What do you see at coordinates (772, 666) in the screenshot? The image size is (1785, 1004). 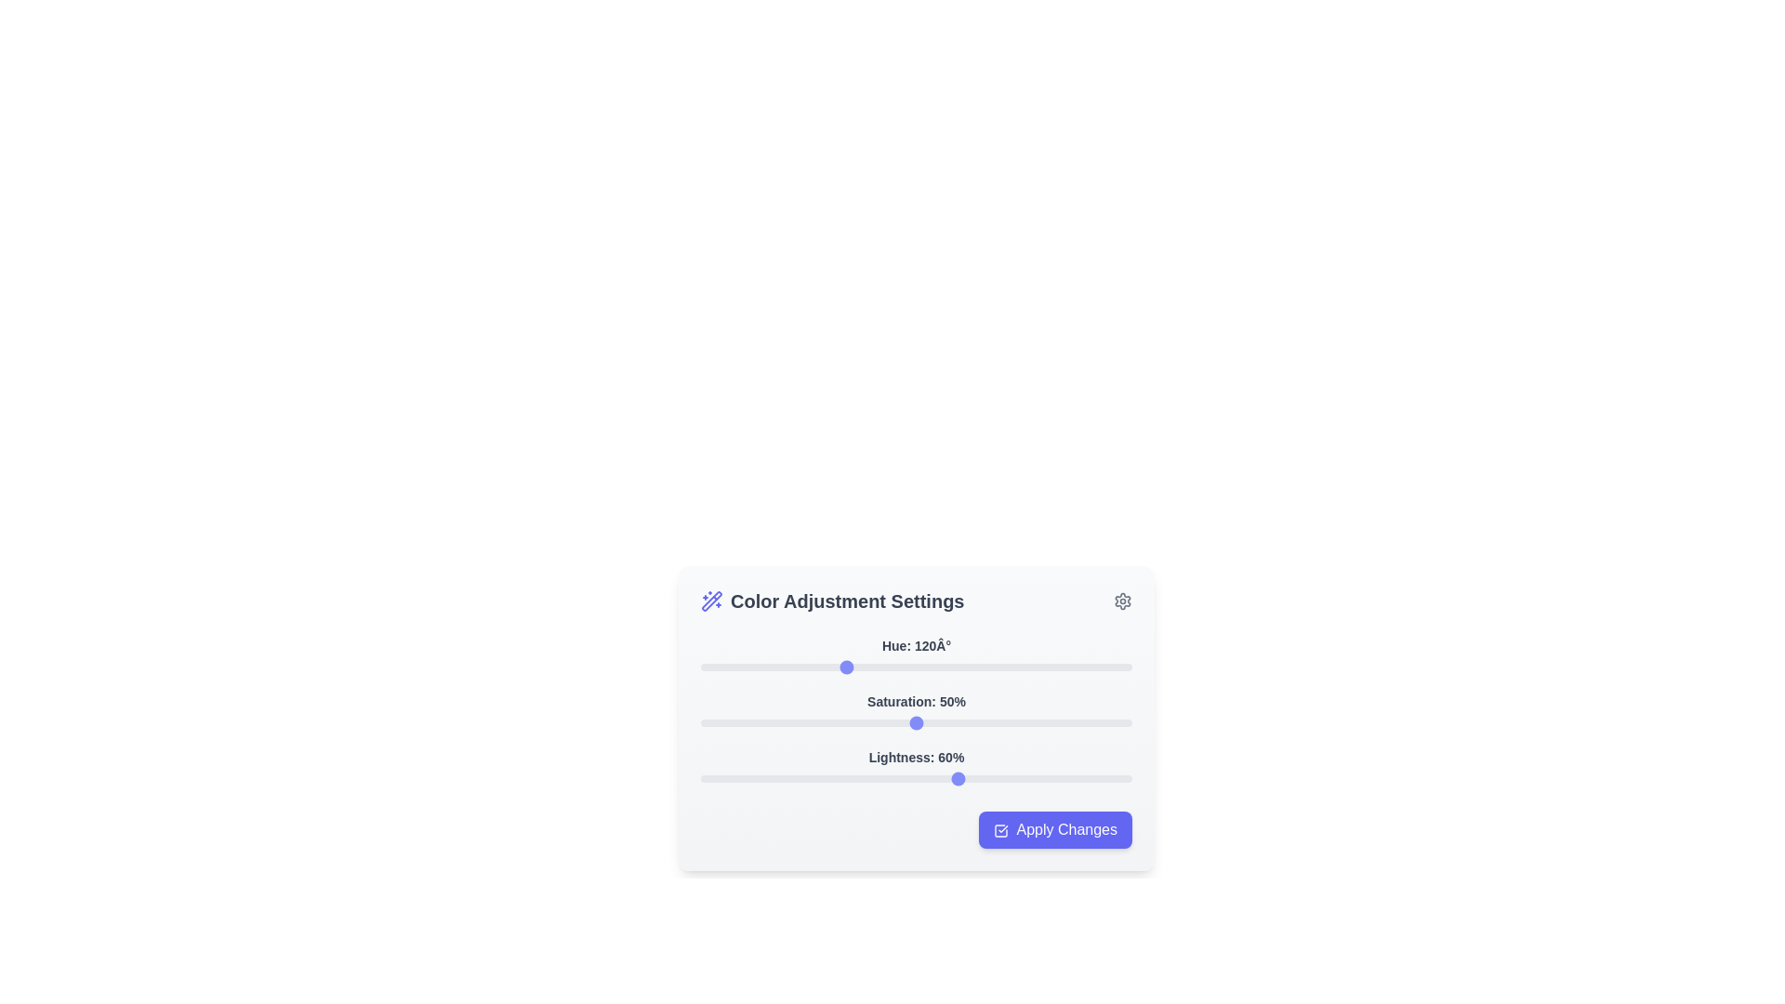 I see `hue` at bounding box center [772, 666].